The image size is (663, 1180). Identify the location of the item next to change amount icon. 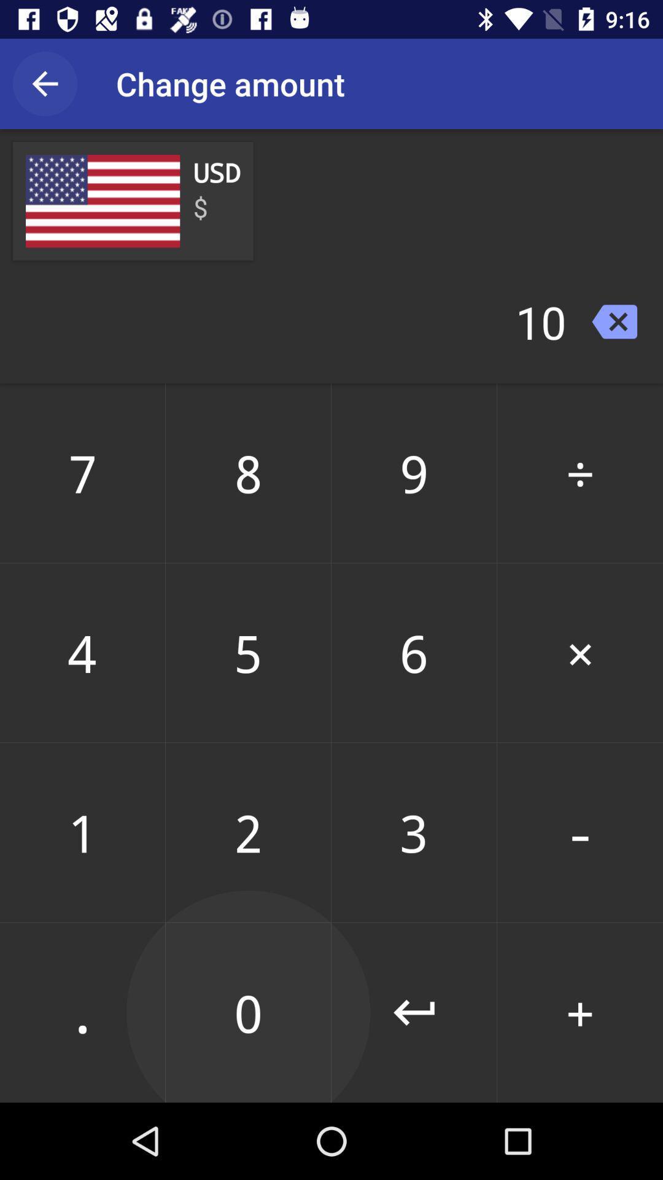
(44, 83).